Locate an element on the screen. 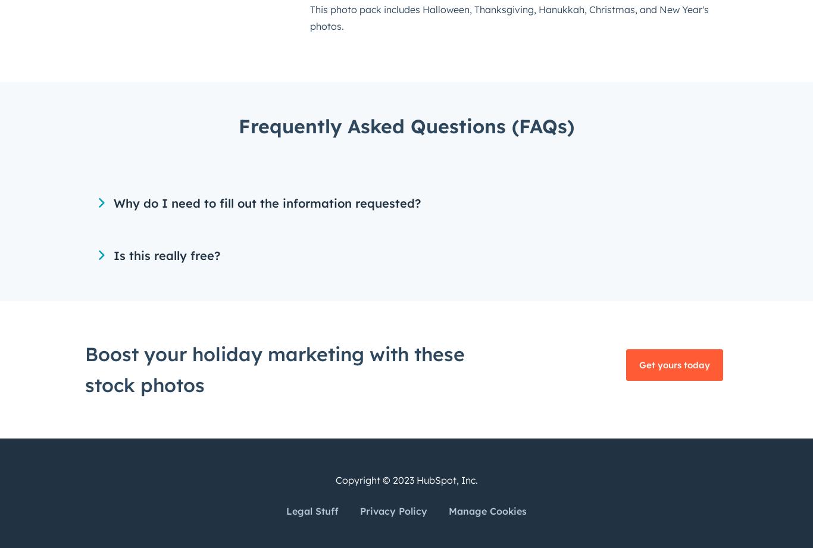 This screenshot has height=548, width=813. 'Get yours today' is located at coordinates (638, 364).